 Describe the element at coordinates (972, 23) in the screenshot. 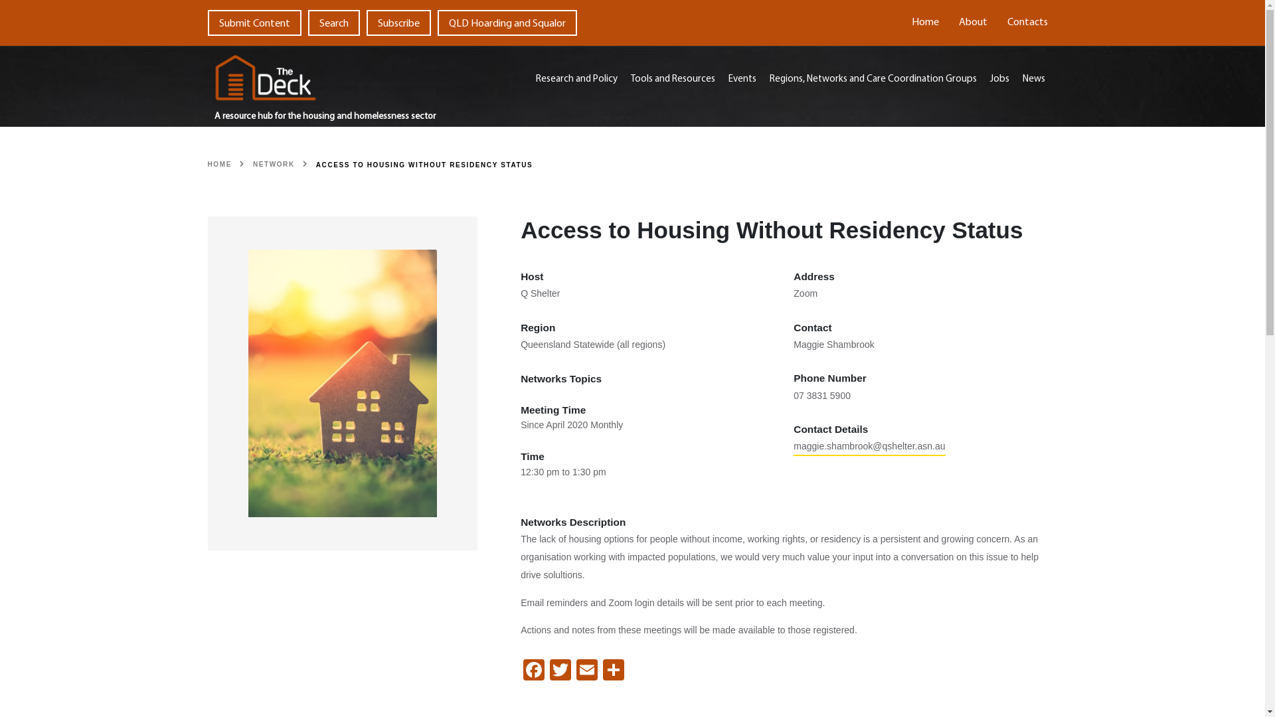

I see `'About'` at that location.